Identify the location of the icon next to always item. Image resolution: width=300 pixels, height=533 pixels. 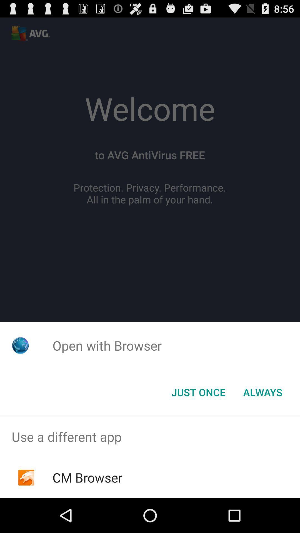
(198, 392).